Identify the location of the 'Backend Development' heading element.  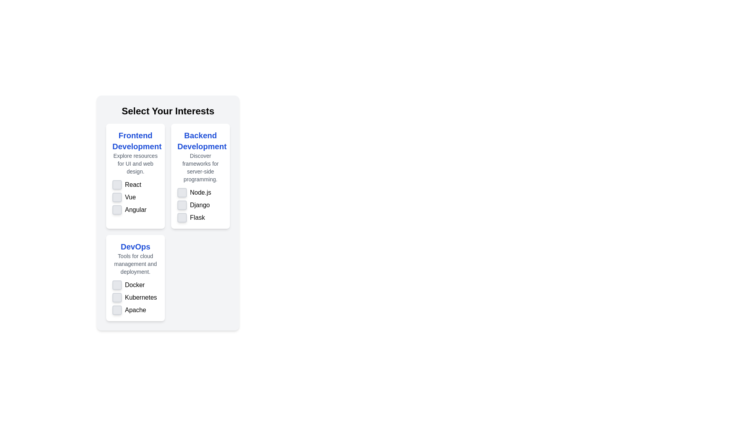
(201, 157).